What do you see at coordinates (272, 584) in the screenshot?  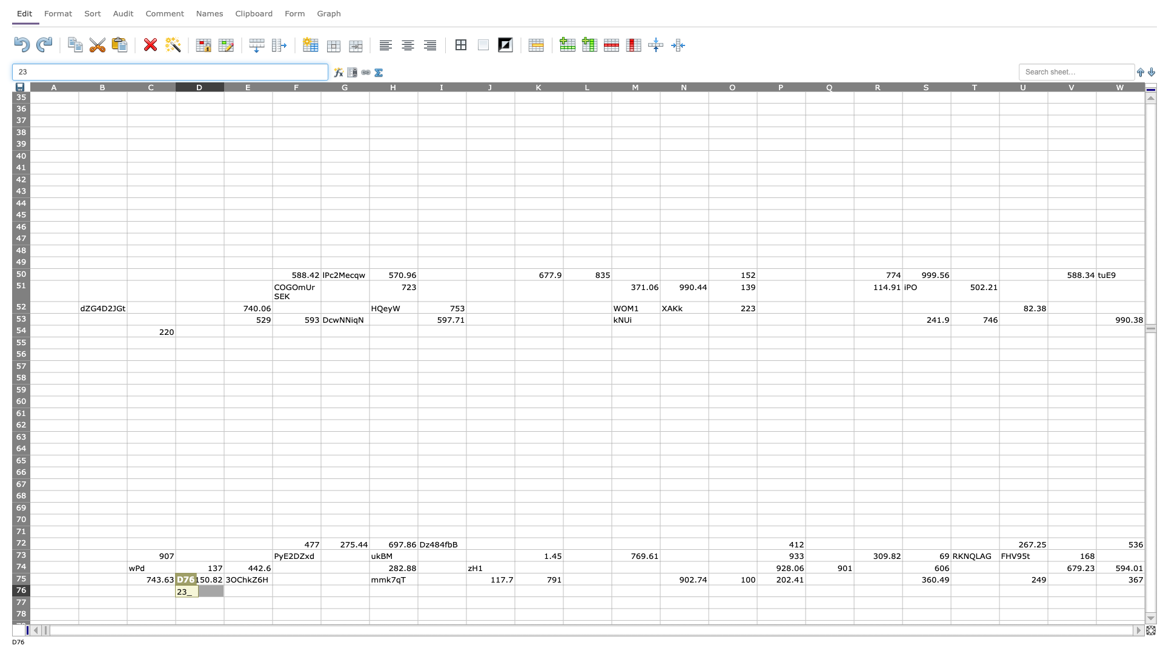 I see `Upper left corner of cell F76` at bounding box center [272, 584].